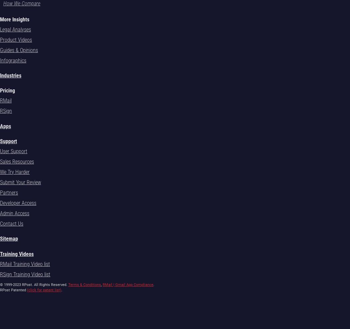 The height and width of the screenshot is (329, 350). Describe the element at coordinates (128, 284) in the screenshot. I see `'RMail | Gmail App Compliance'` at that location.